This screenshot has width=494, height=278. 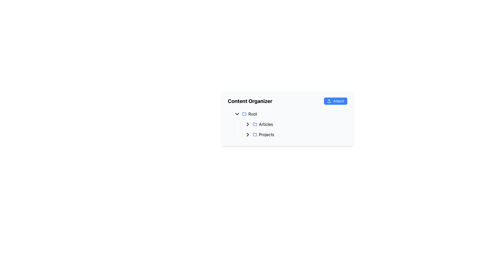 I want to click on the blue folder icon with rounded edges located, so click(x=244, y=114).